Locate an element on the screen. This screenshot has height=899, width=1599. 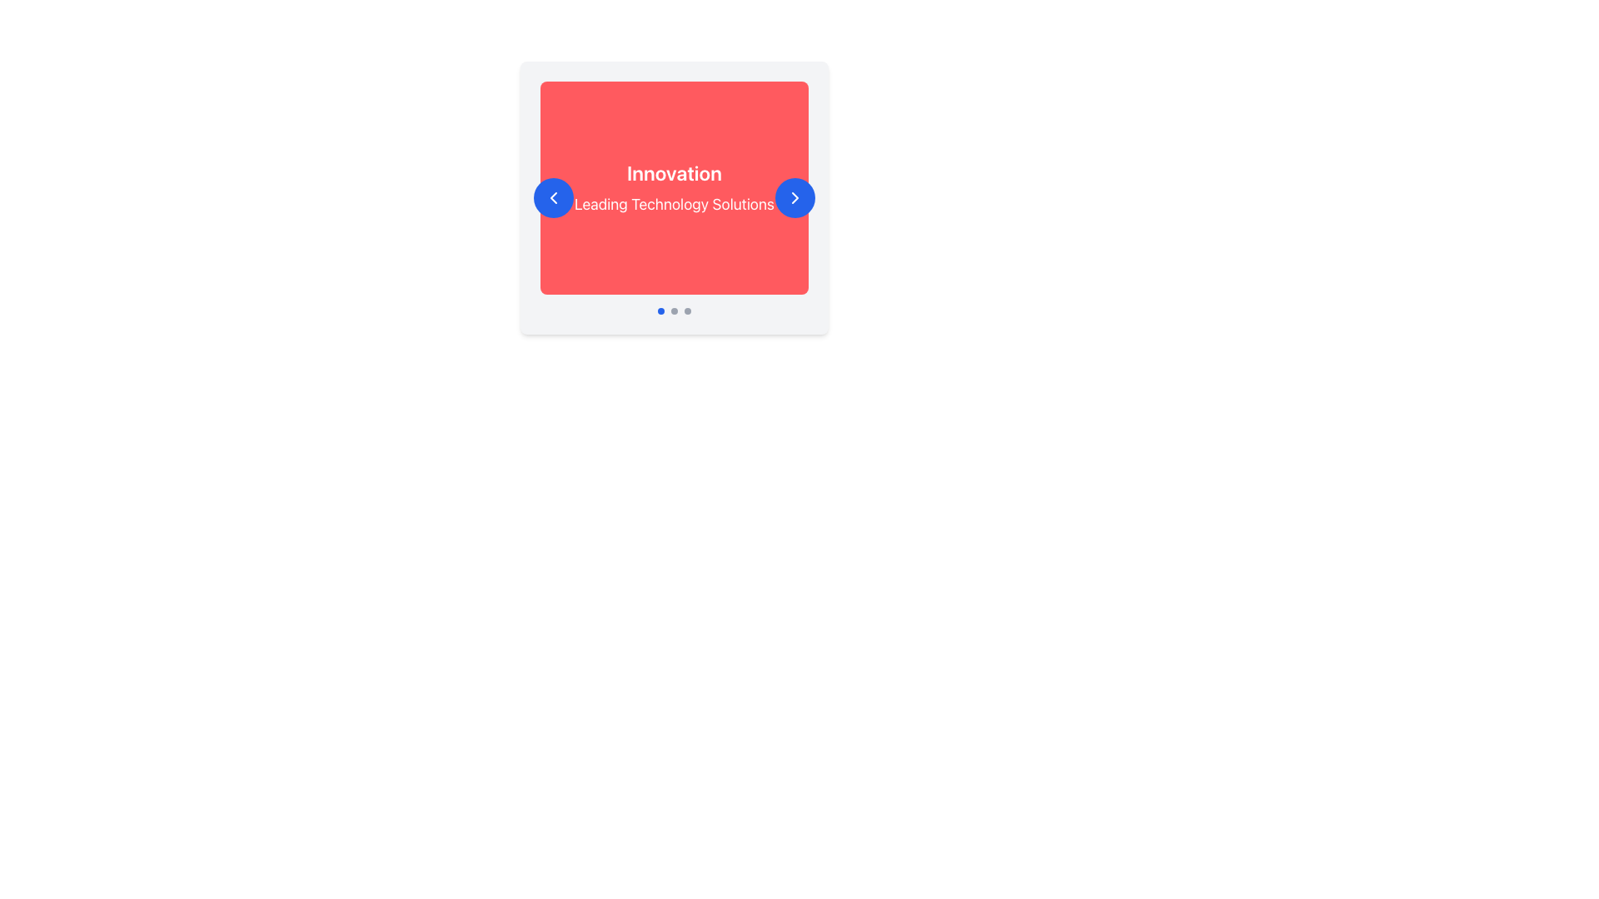
the right-facing chevron arrow within the circular blue button located to the right of the highlighted content is located at coordinates (795, 197).